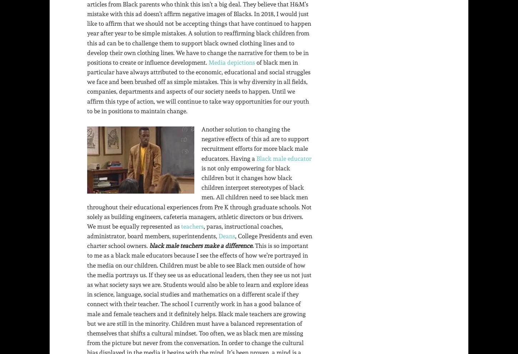 This screenshot has height=354, width=518. Describe the element at coordinates (226, 235) in the screenshot. I see `'Deans'` at that location.